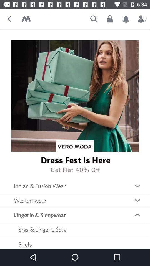 This screenshot has height=266, width=150. Describe the element at coordinates (94, 19) in the screenshot. I see `search input option` at that location.